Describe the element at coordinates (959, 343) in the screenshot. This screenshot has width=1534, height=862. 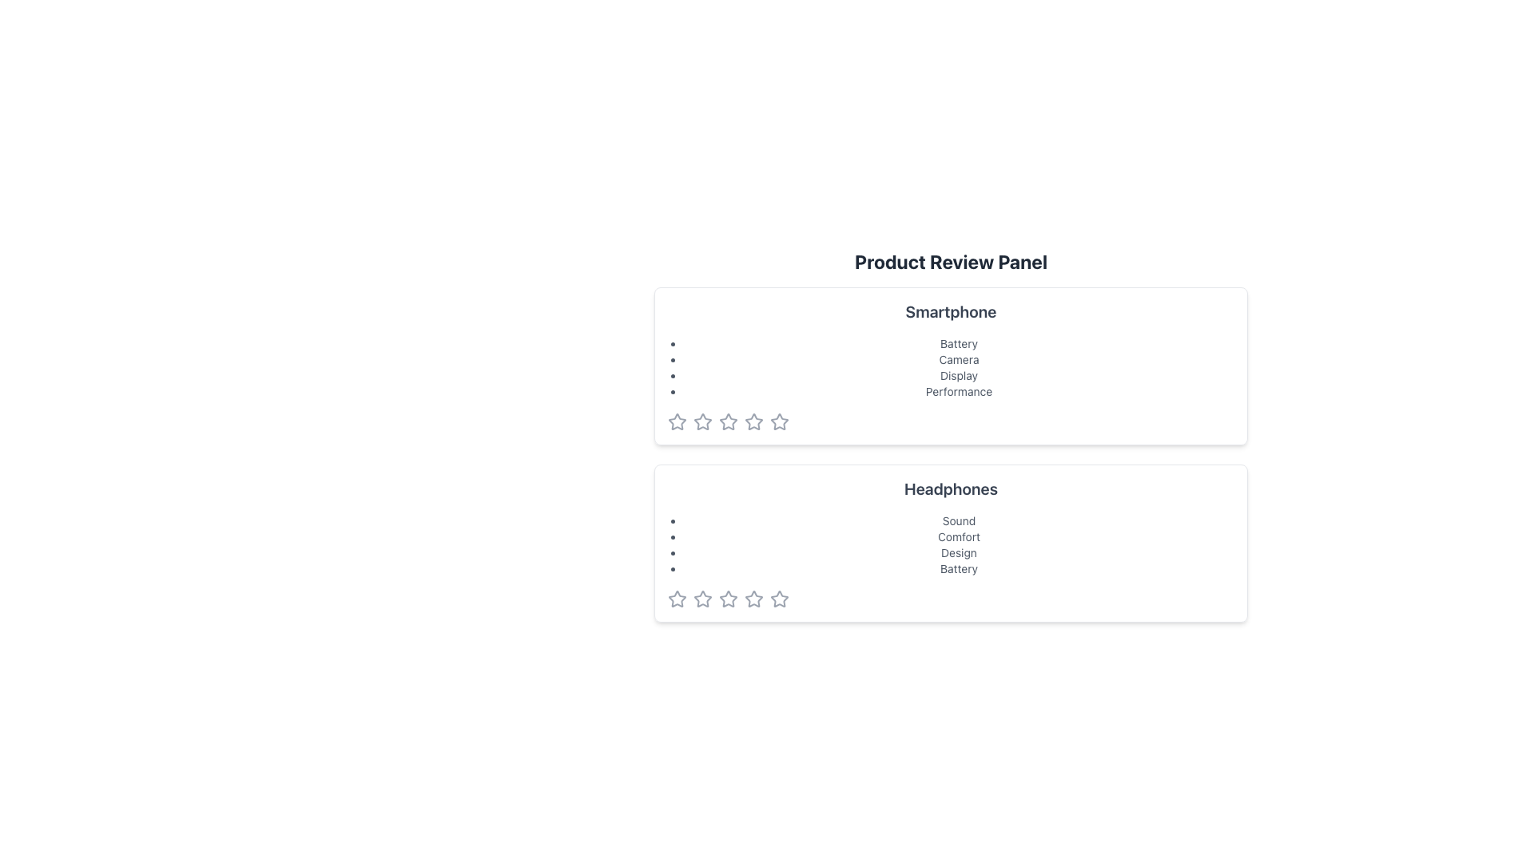
I see `the 'Battery' text label, which is the first item in the bullet-point list under the 'Smartphone' section header` at that location.